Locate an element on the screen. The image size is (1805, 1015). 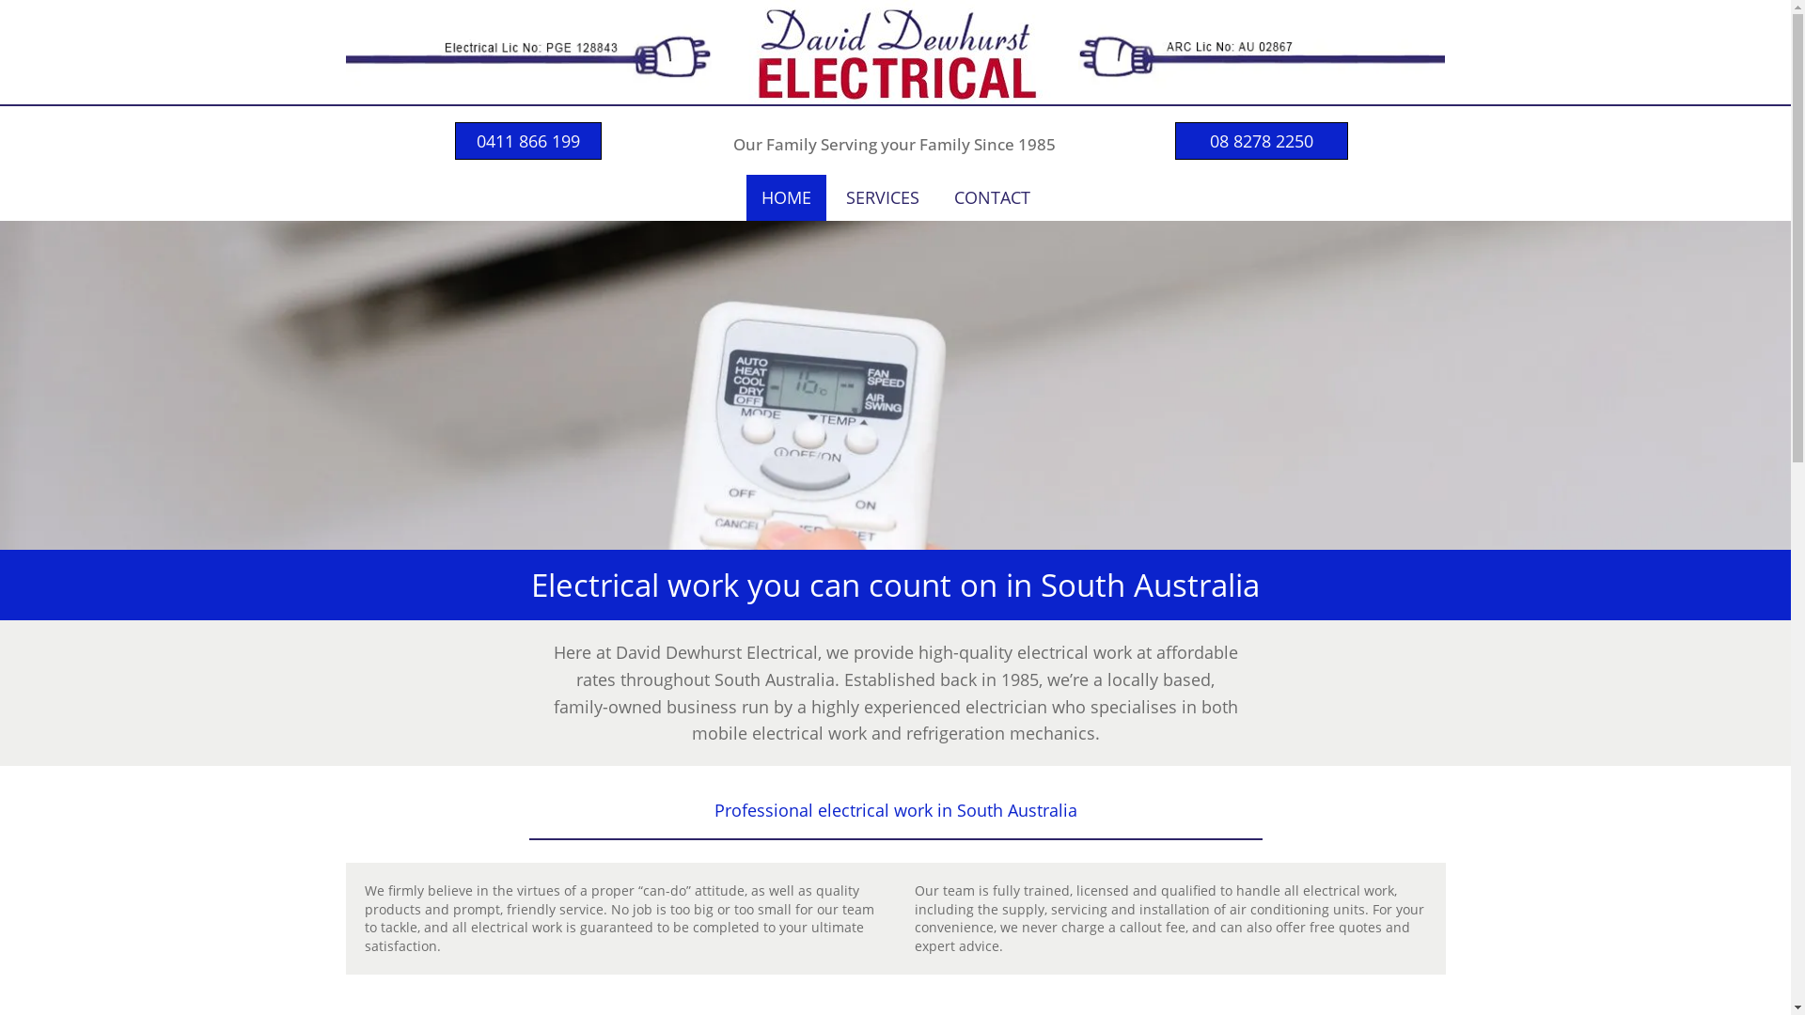
'SERVICES' is located at coordinates (882, 197).